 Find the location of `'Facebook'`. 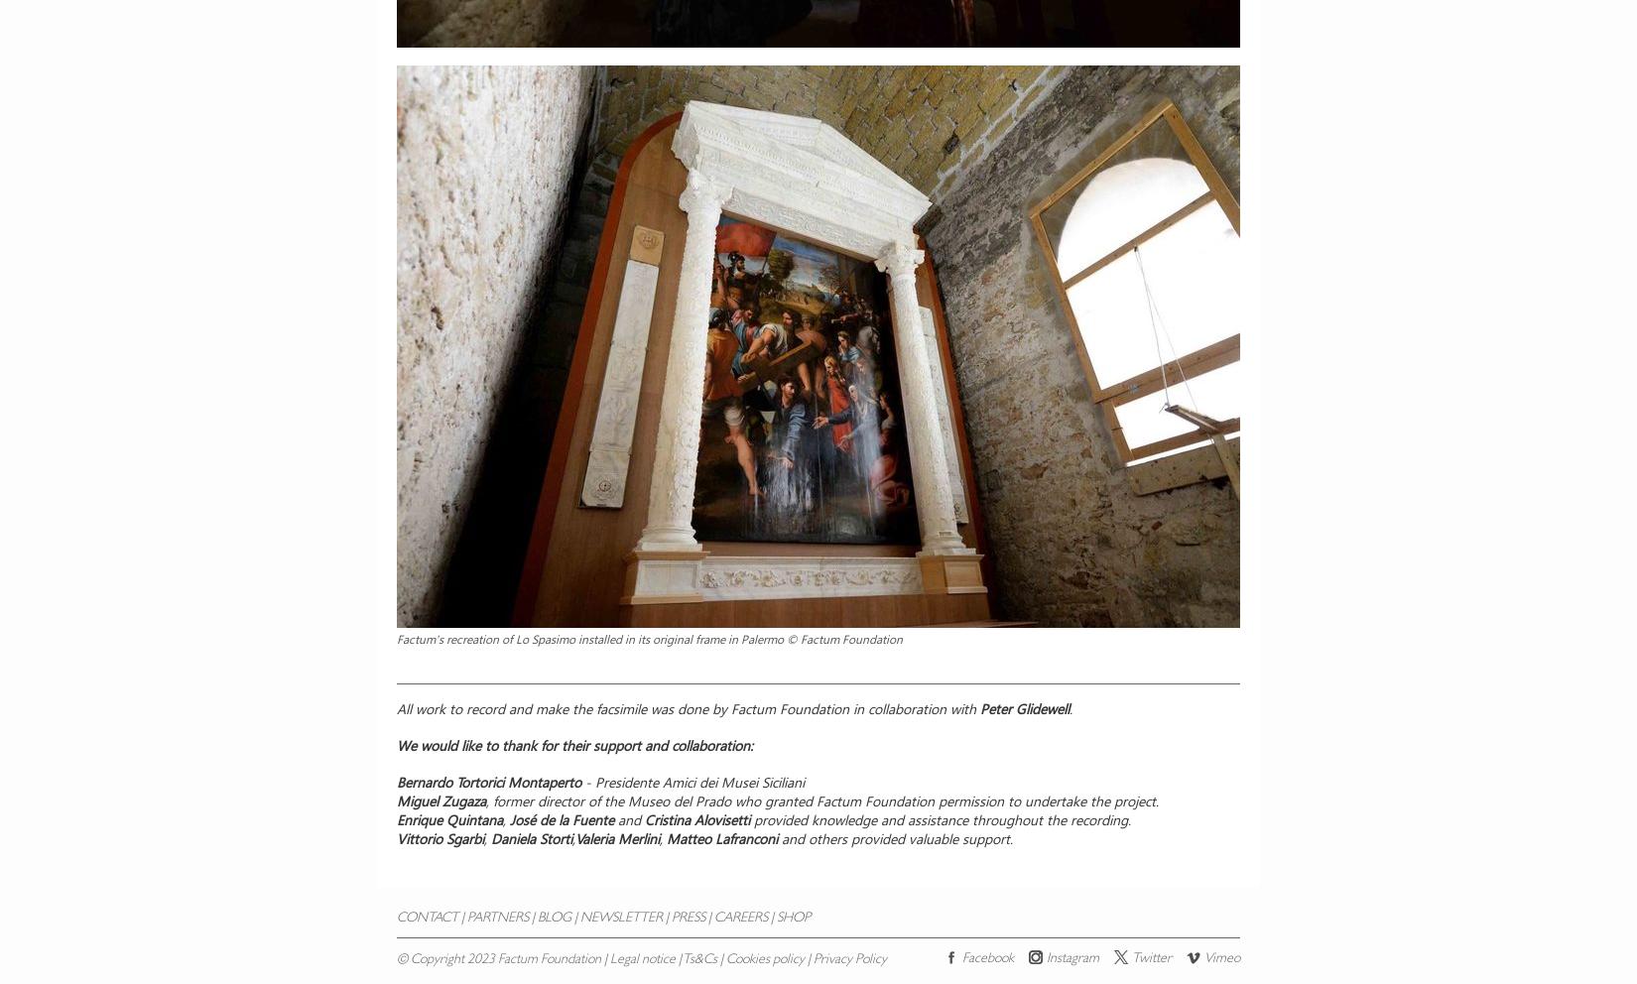

'Facebook' is located at coordinates (987, 958).